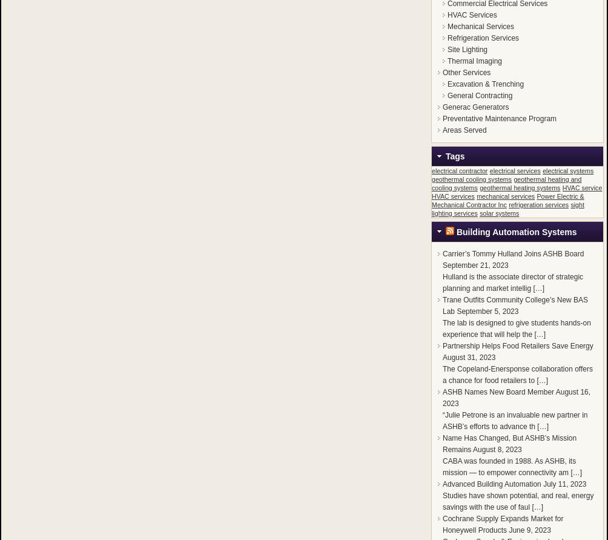  Describe the element at coordinates (460, 170) in the screenshot. I see `'electrical contractor'` at that location.